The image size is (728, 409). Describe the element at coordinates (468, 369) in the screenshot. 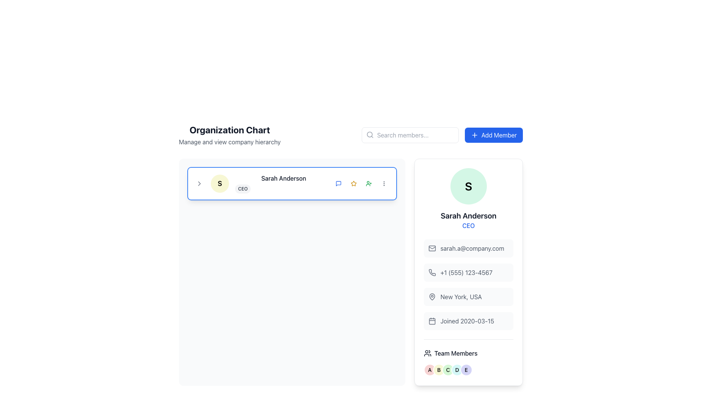

I see `the highlighted circular avatar representation labeled 'E' with a pastel purple background located in the bottom right section of the user detail panel under 'Team Members'` at that location.